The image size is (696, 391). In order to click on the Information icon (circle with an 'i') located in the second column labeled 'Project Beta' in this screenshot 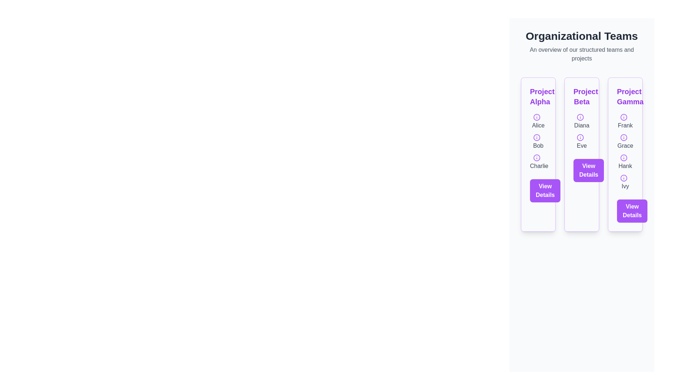, I will do `click(580, 117)`.